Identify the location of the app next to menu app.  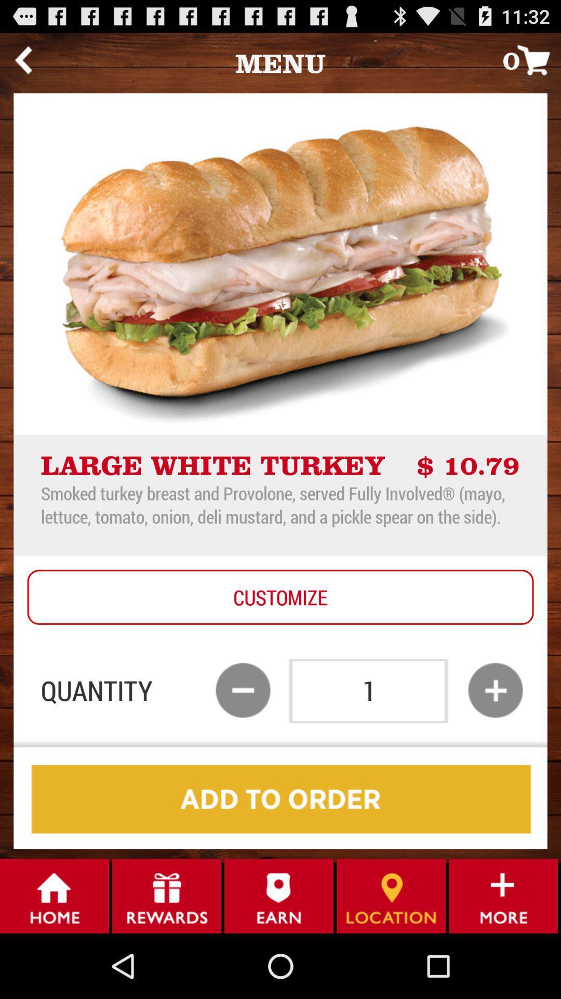
(531, 59).